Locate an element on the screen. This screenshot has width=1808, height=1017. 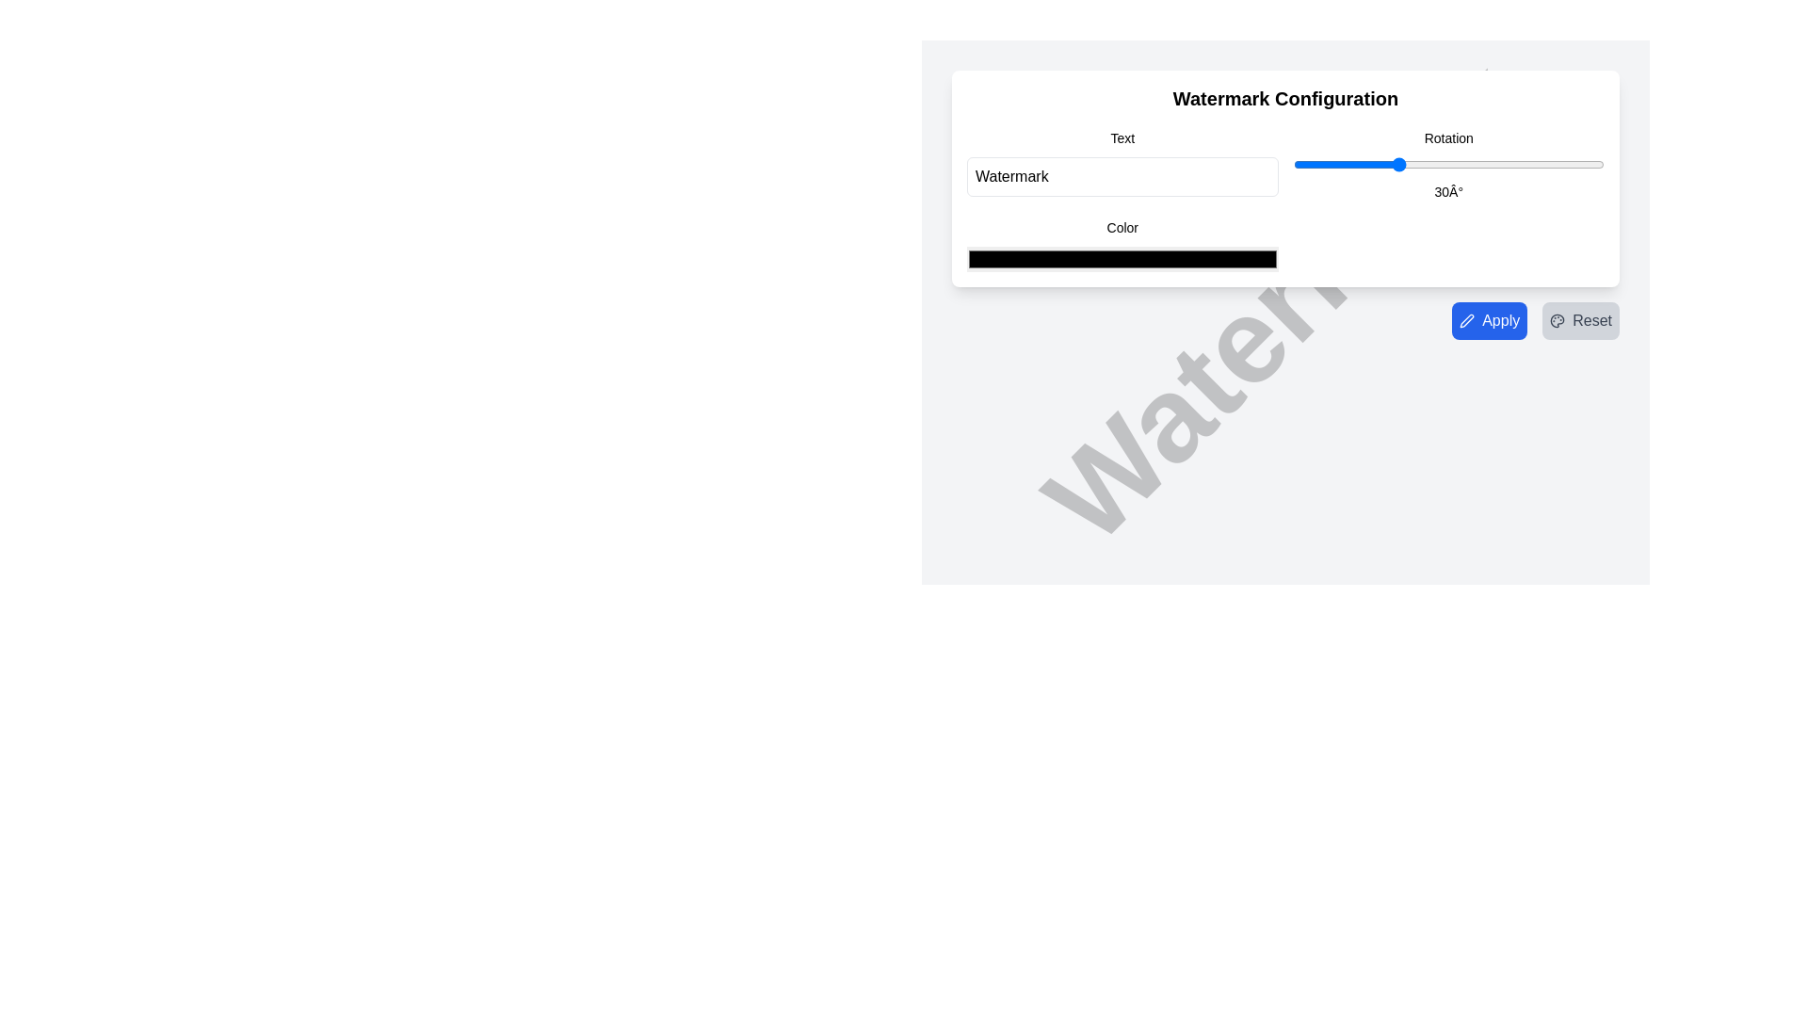
rotation is located at coordinates (1404, 163).